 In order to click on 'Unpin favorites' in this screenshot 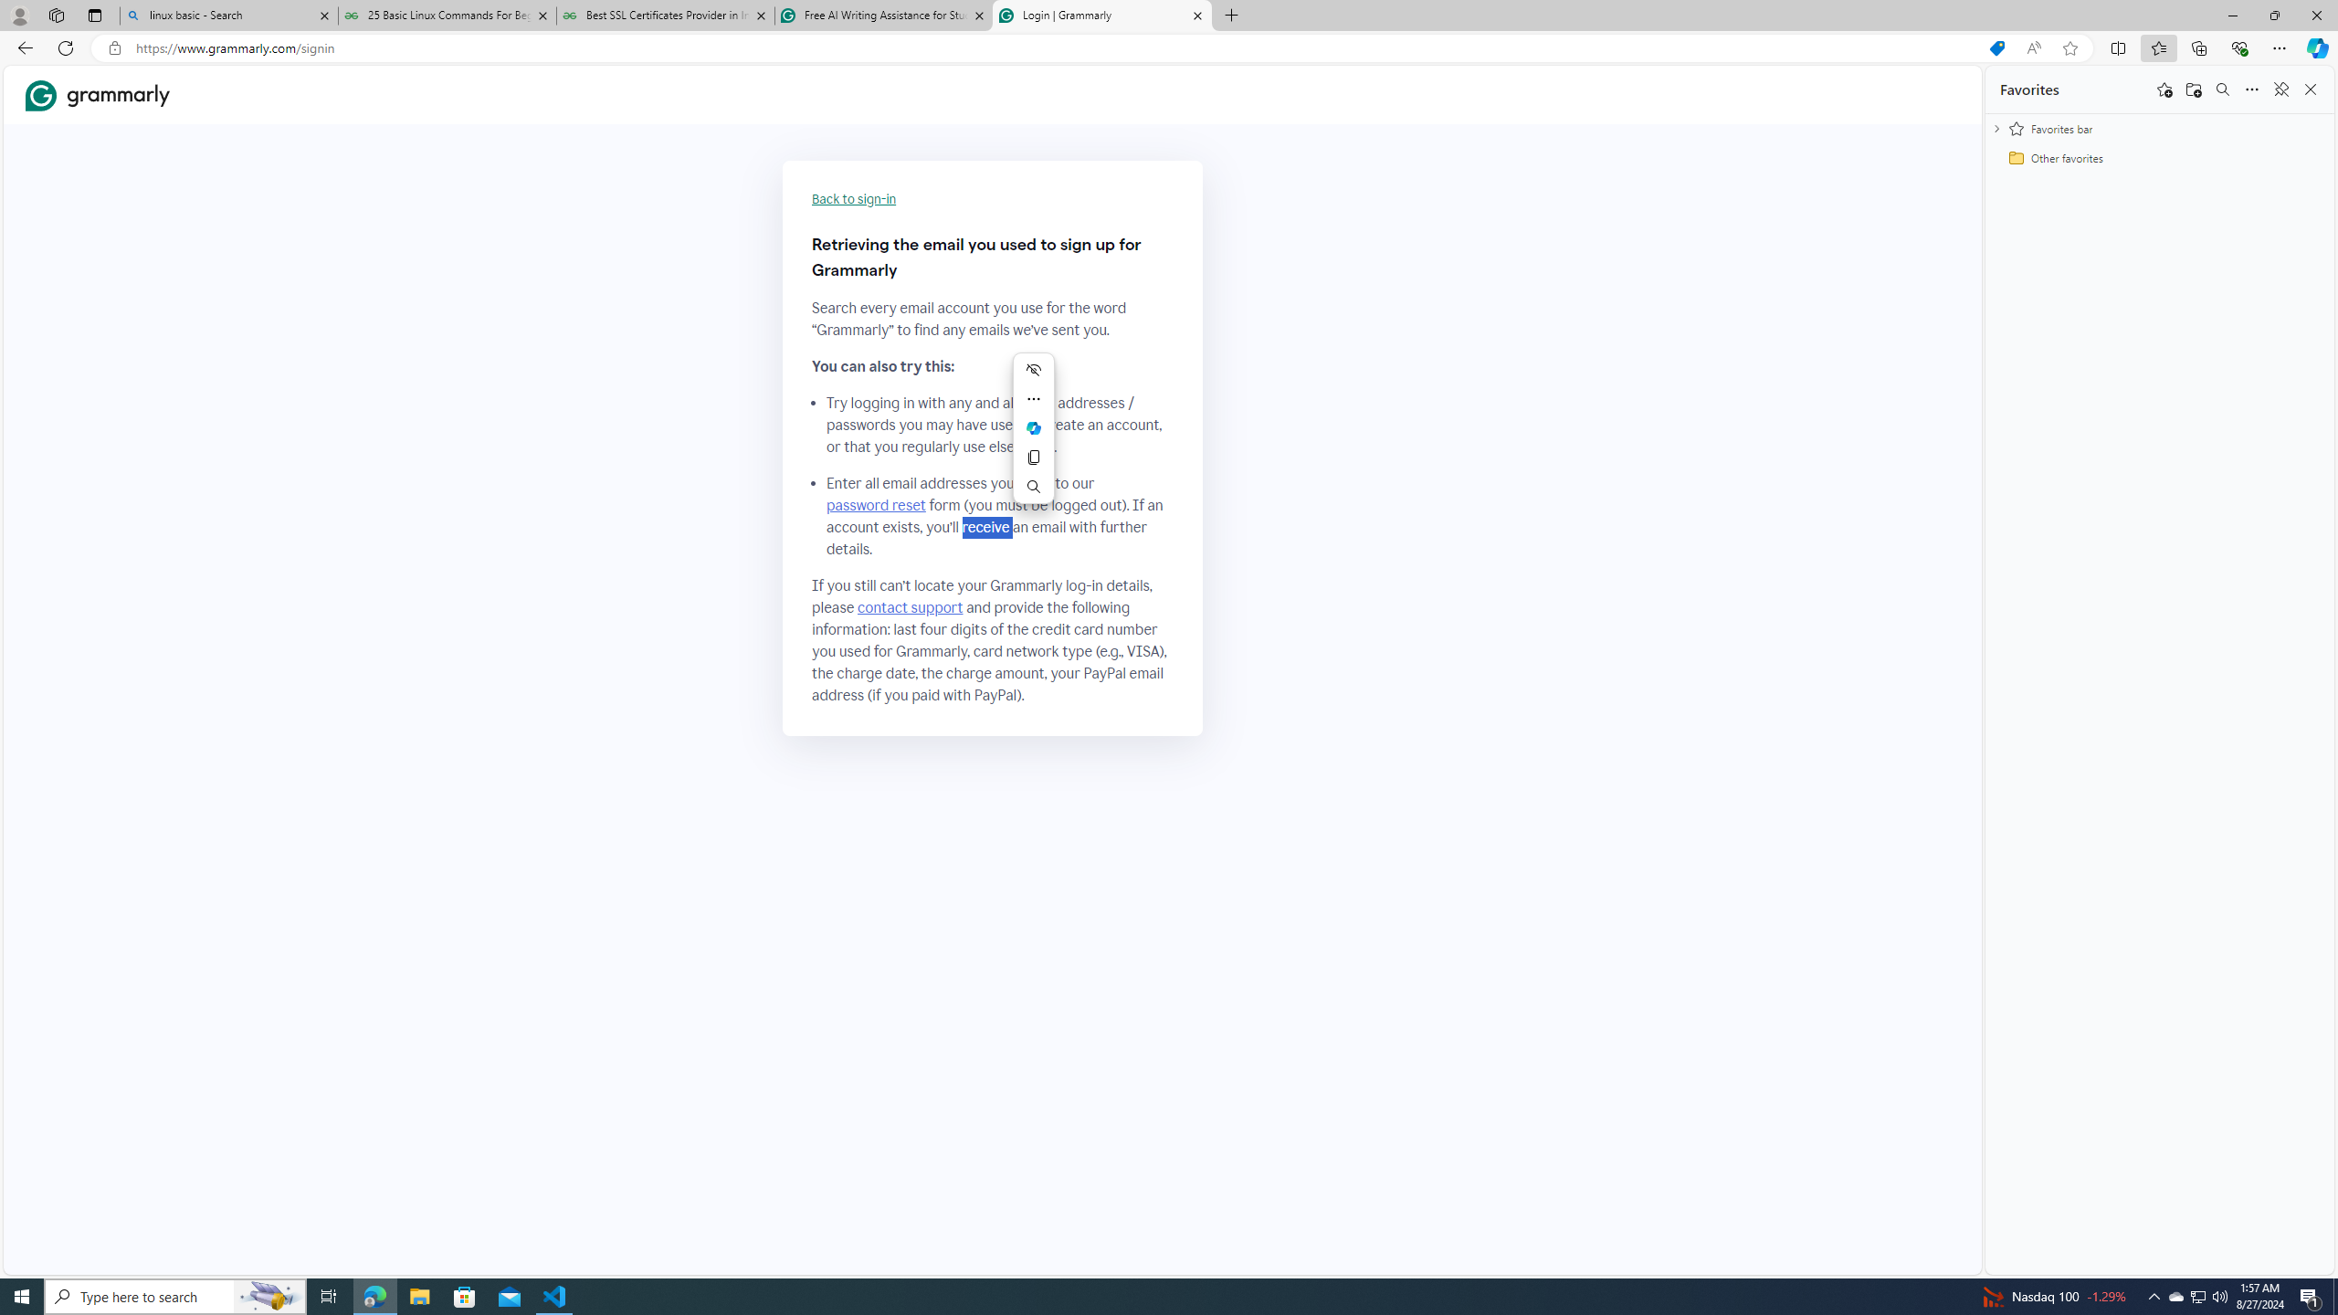, I will do `click(2280, 88)`.